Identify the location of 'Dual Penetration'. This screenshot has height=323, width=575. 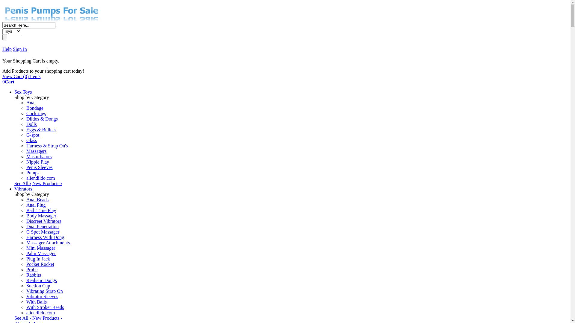
(42, 226).